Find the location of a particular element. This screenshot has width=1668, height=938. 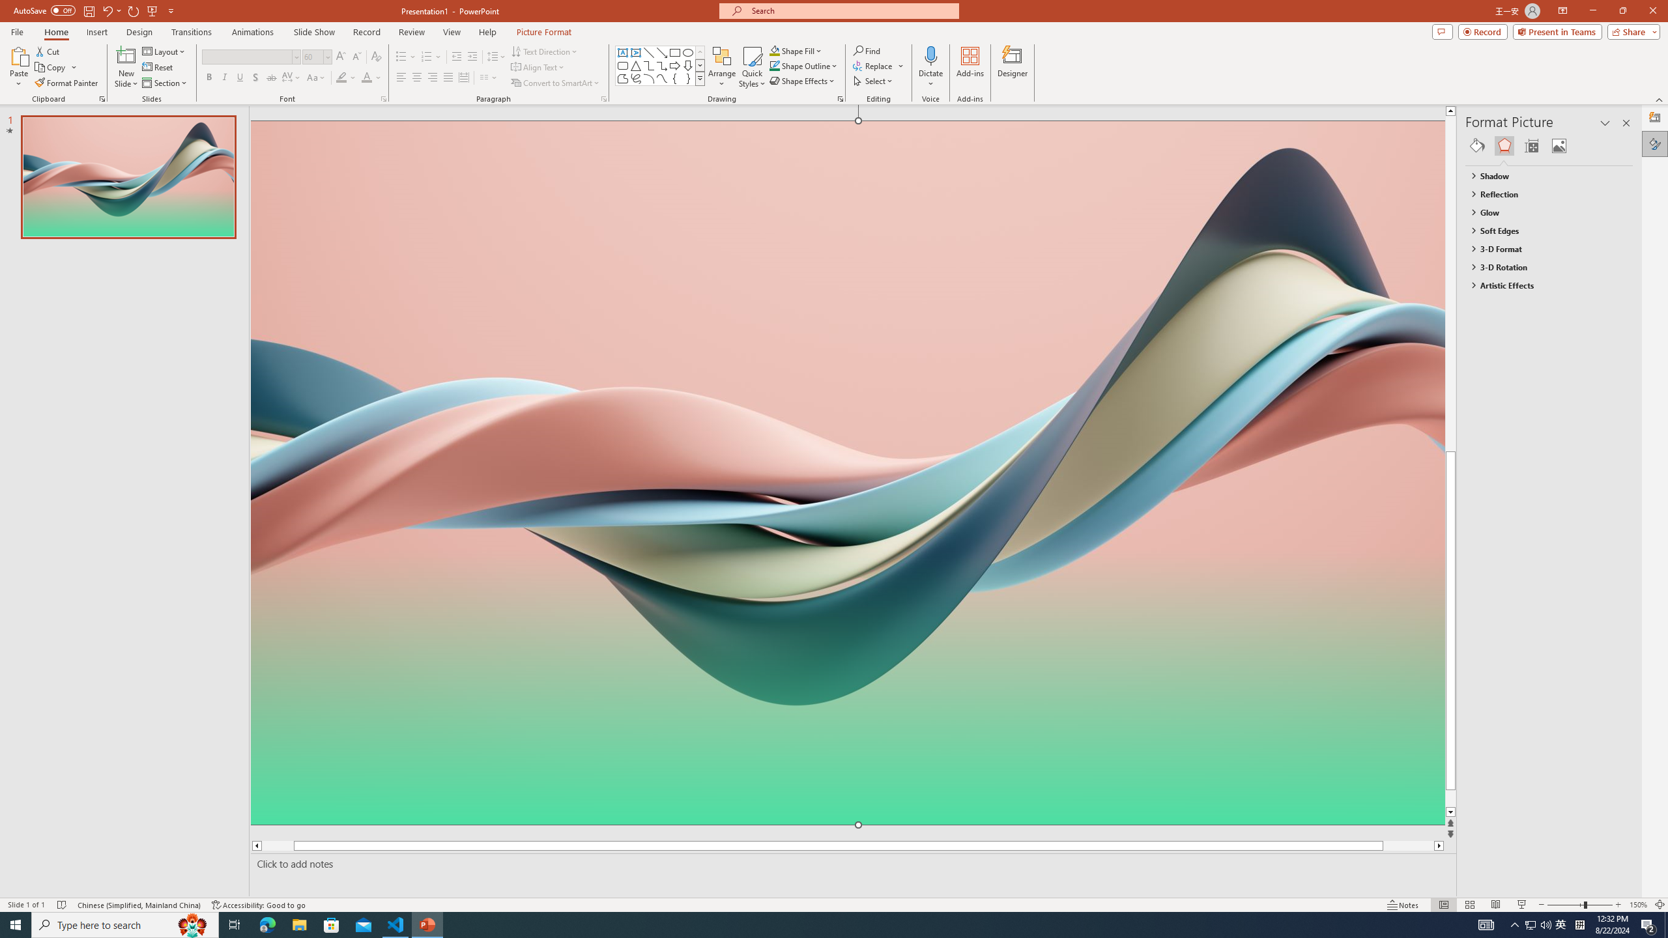

'Present in Teams' is located at coordinates (1557, 31).